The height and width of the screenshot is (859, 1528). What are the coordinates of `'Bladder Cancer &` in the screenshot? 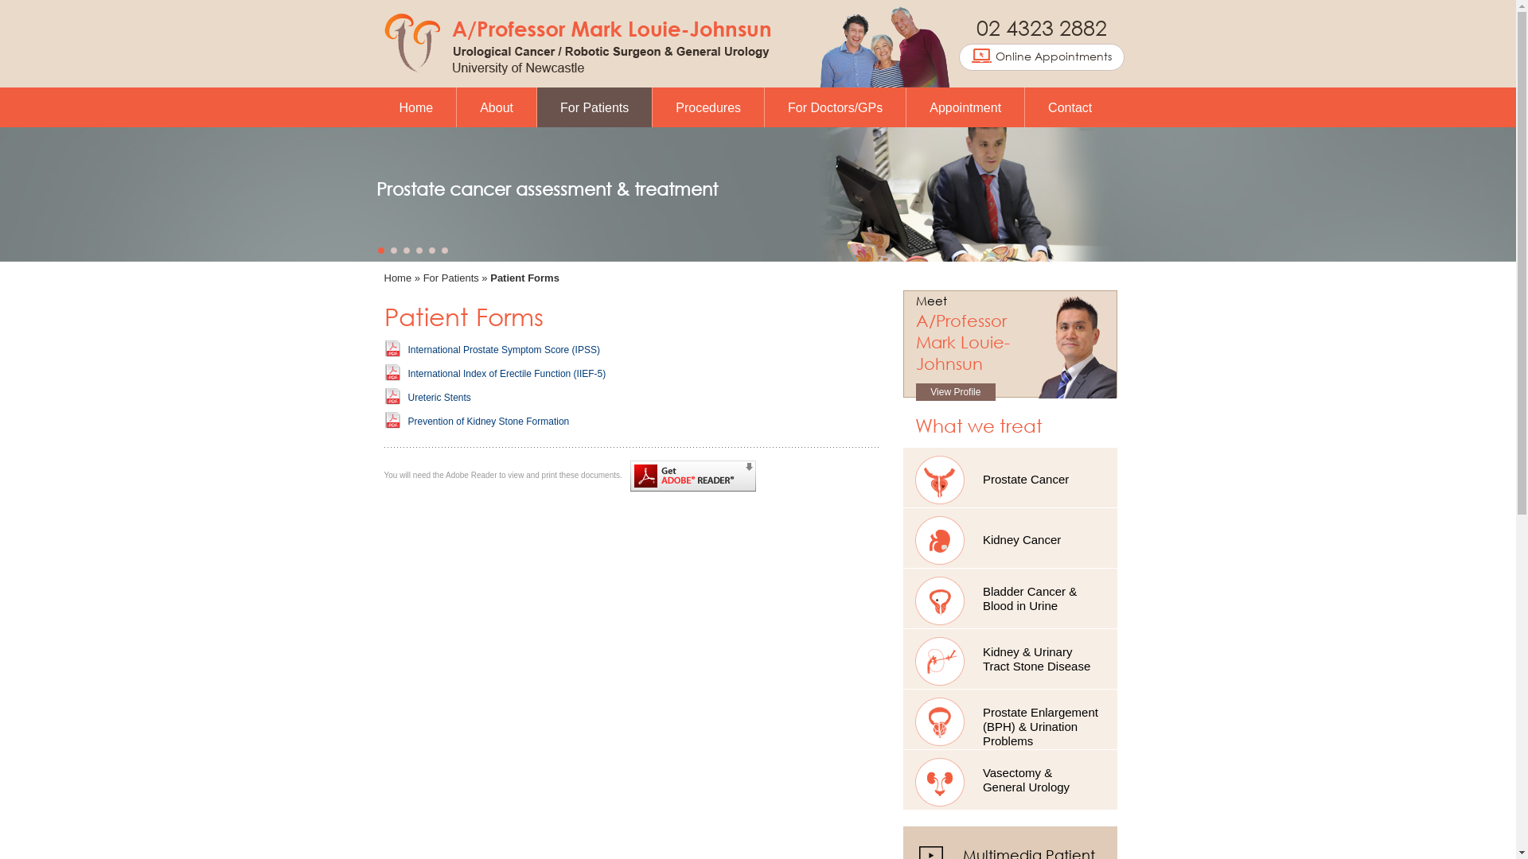 It's located at (902, 598).